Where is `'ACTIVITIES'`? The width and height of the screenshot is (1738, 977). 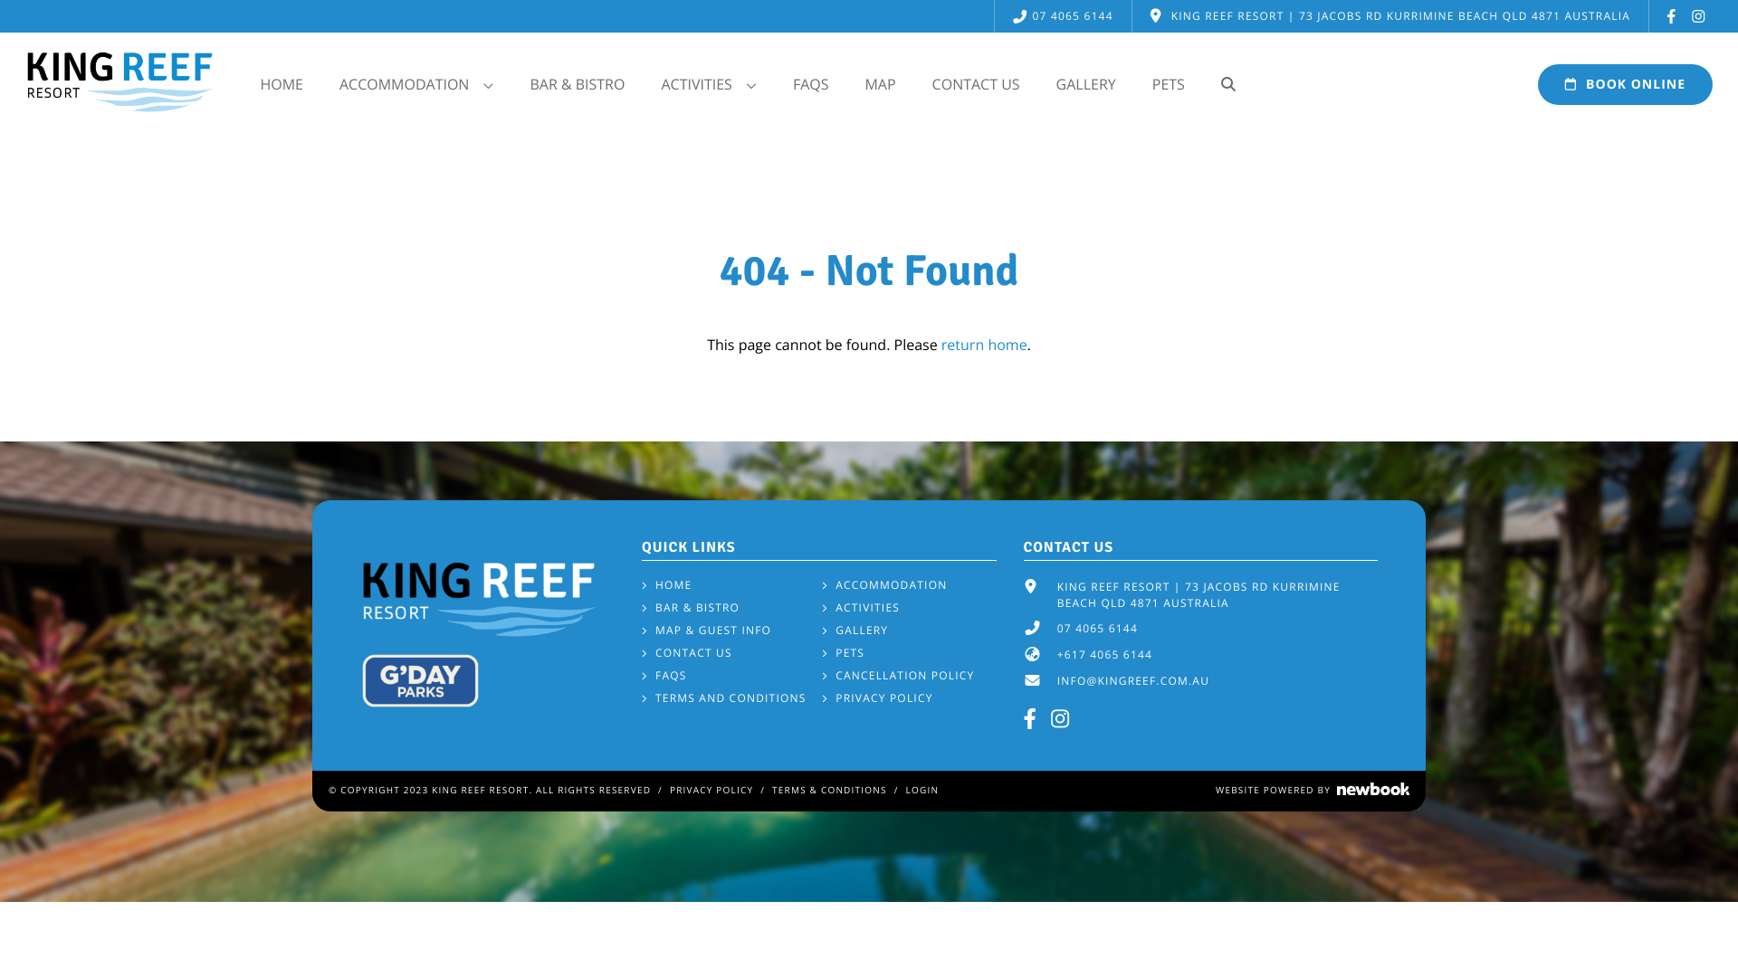
'ACTIVITIES' is located at coordinates (707, 83).